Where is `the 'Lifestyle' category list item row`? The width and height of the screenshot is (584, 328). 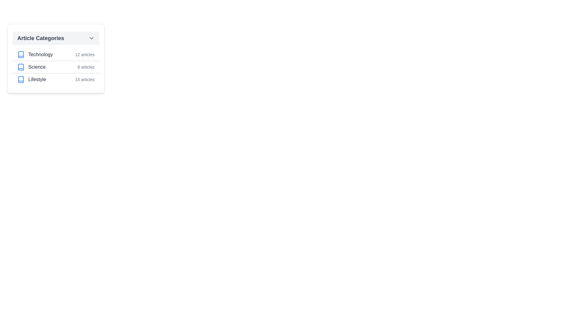
the 'Lifestyle' category list item row is located at coordinates (56, 79).